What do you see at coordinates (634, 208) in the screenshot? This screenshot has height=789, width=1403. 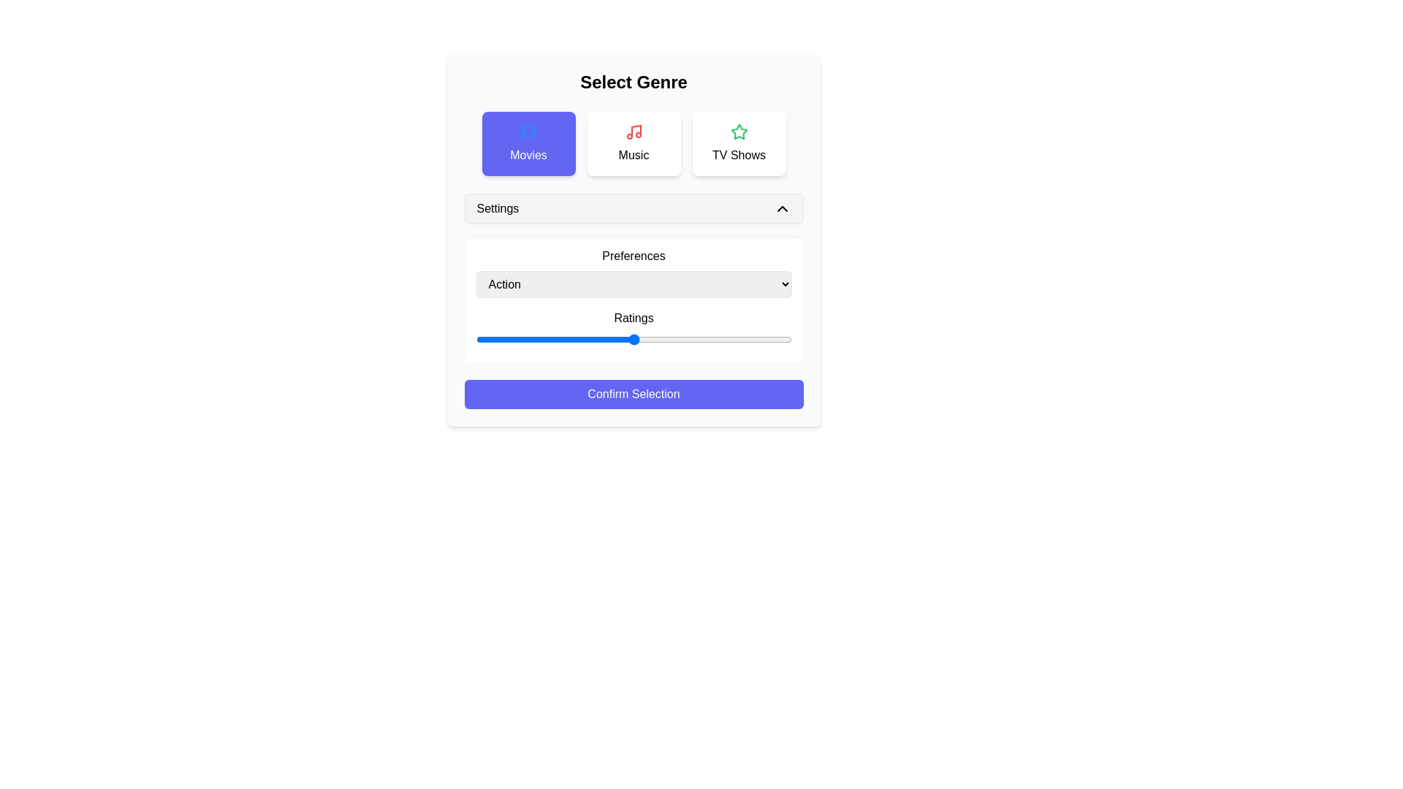 I see `the toggleable button located in the middle of the interface below the 'Movies' section` at bounding box center [634, 208].